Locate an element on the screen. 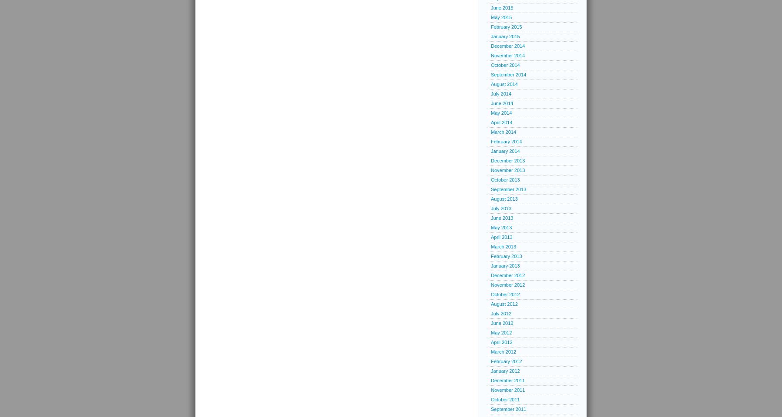 The image size is (782, 417). 'October 2014' is located at coordinates (504, 64).